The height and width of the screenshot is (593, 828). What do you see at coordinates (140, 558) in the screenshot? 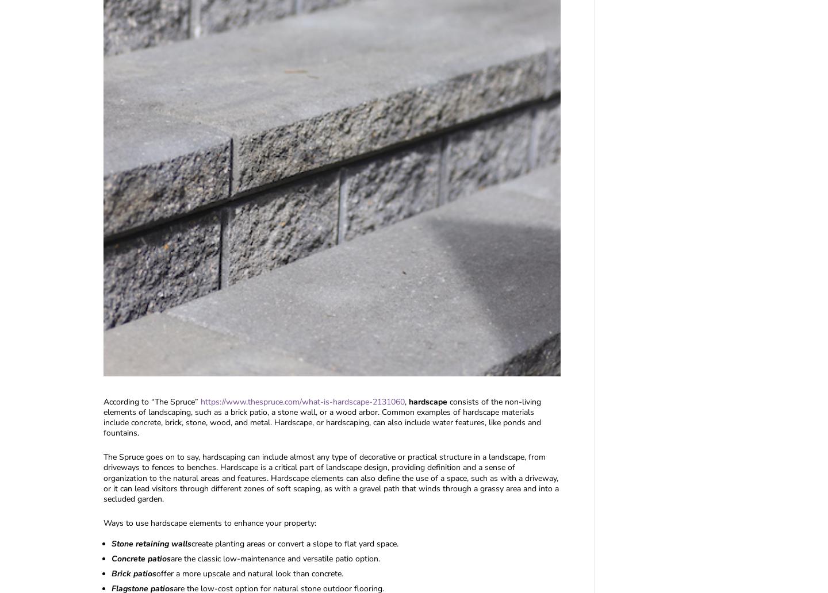
I see `'Concrete patios'` at bounding box center [140, 558].